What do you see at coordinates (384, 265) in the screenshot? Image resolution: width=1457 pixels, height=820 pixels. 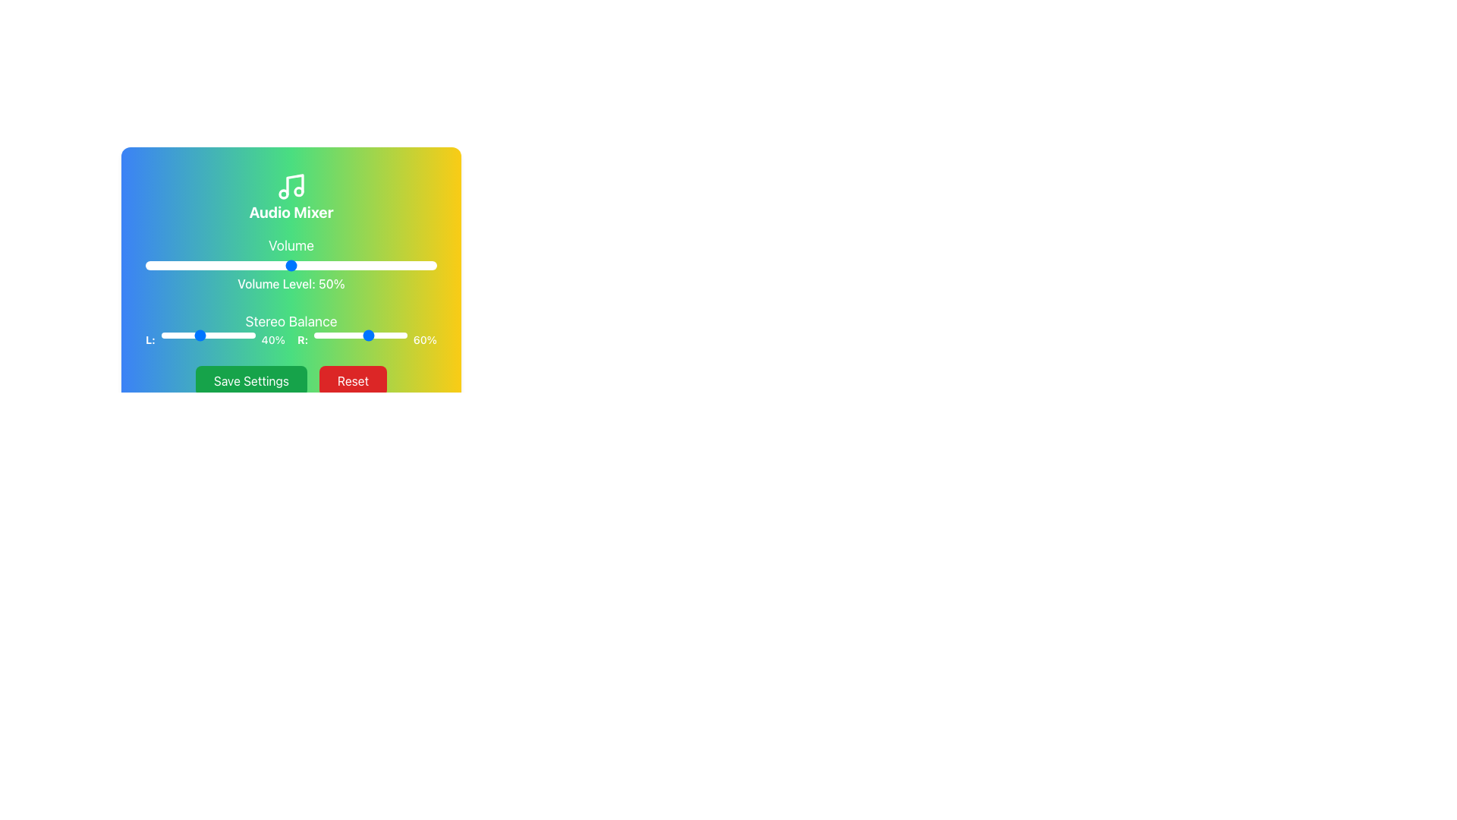 I see `the volume` at bounding box center [384, 265].